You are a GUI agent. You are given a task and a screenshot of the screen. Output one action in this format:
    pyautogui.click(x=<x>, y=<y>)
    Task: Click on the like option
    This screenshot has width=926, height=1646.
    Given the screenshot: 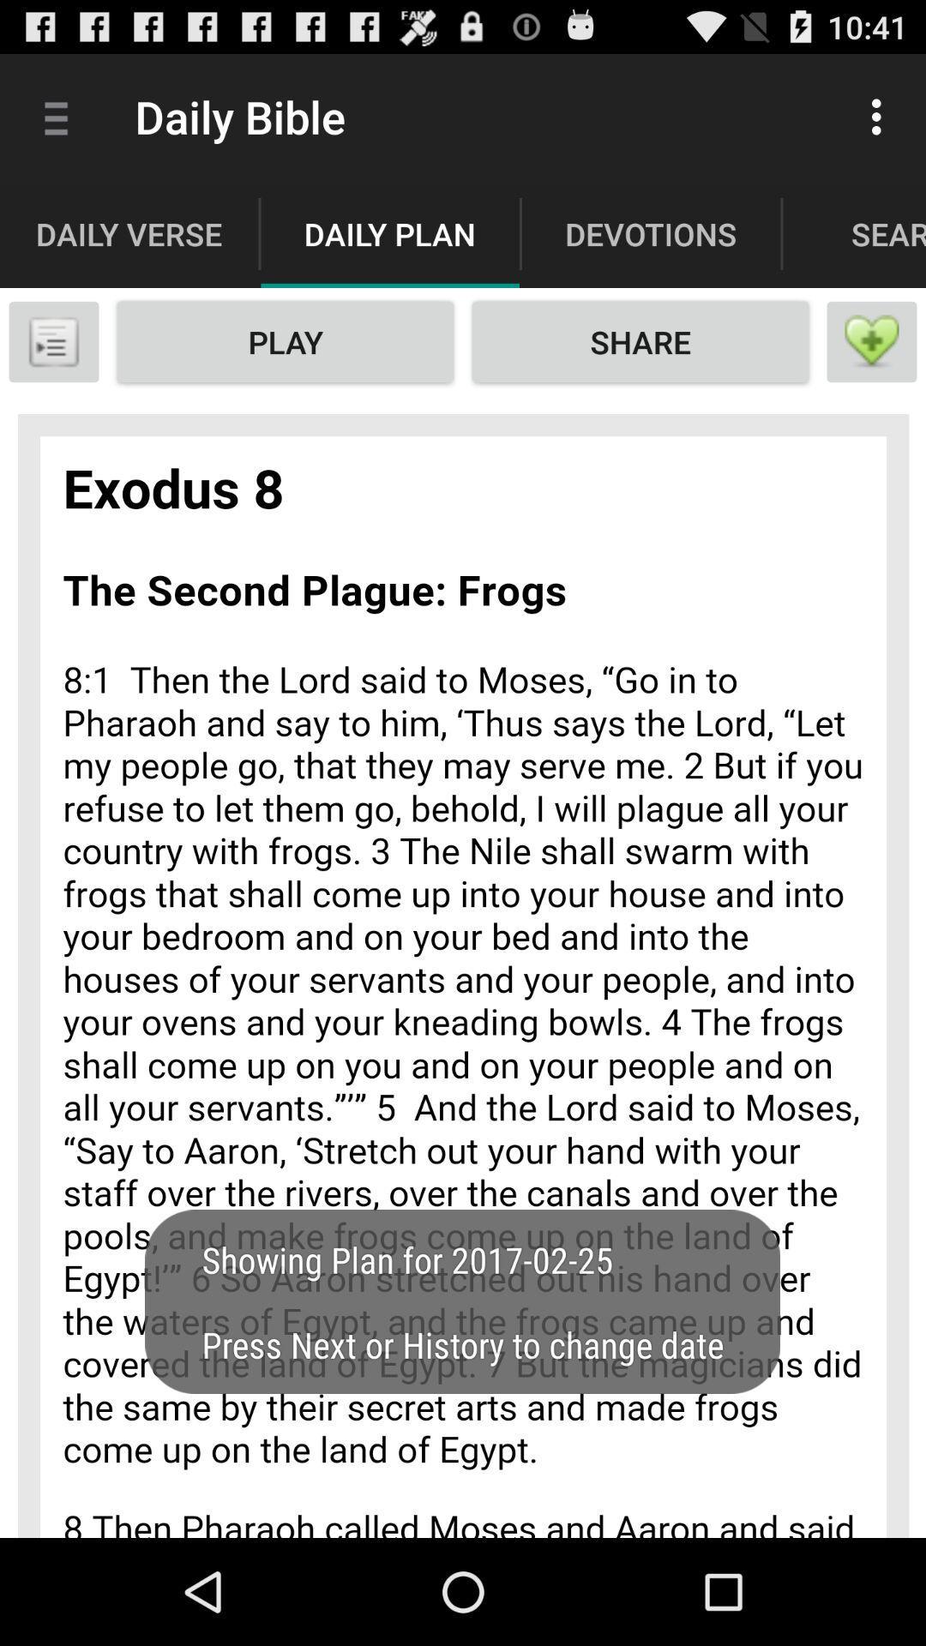 What is the action you would take?
    pyautogui.click(x=872, y=341)
    